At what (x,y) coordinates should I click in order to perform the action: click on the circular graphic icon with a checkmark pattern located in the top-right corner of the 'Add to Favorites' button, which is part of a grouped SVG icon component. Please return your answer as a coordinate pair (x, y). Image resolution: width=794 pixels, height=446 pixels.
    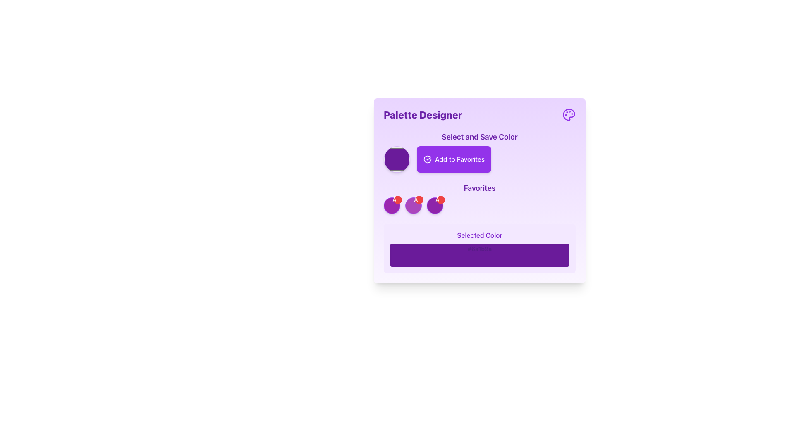
    Looking at the image, I should click on (427, 159).